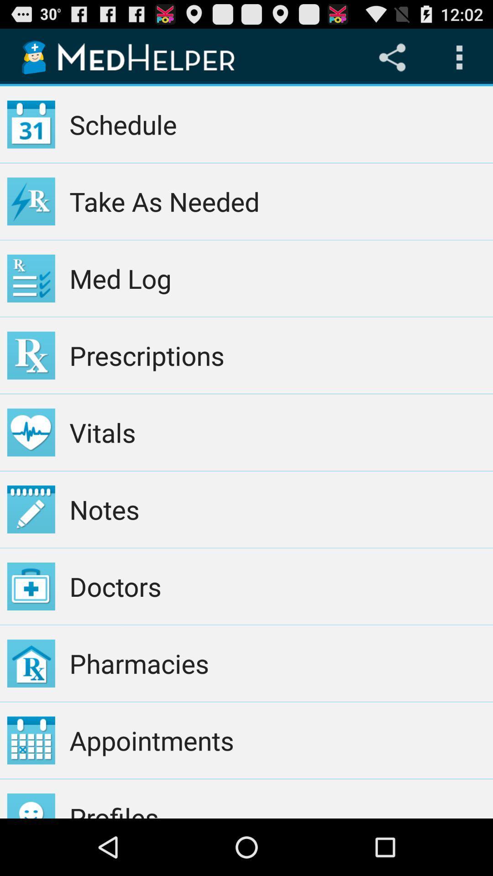 This screenshot has height=876, width=493. Describe the element at coordinates (459, 57) in the screenshot. I see `the icon above the schedule app` at that location.